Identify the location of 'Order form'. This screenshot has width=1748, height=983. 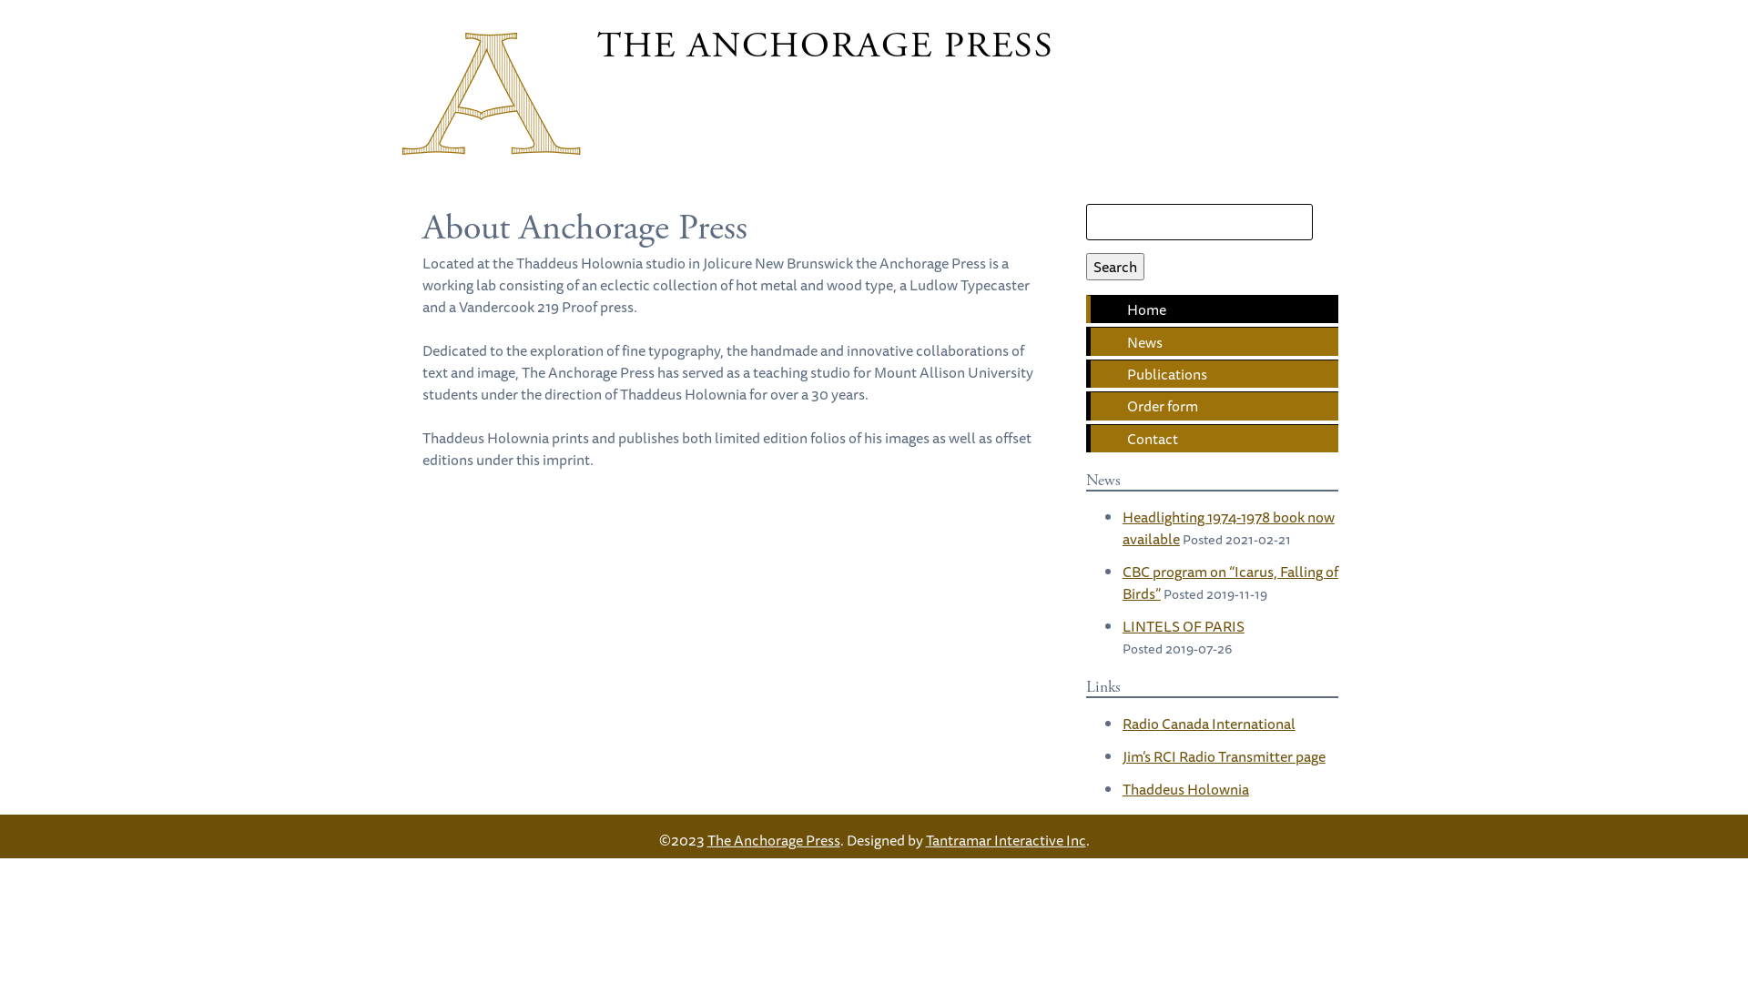
(1212, 404).